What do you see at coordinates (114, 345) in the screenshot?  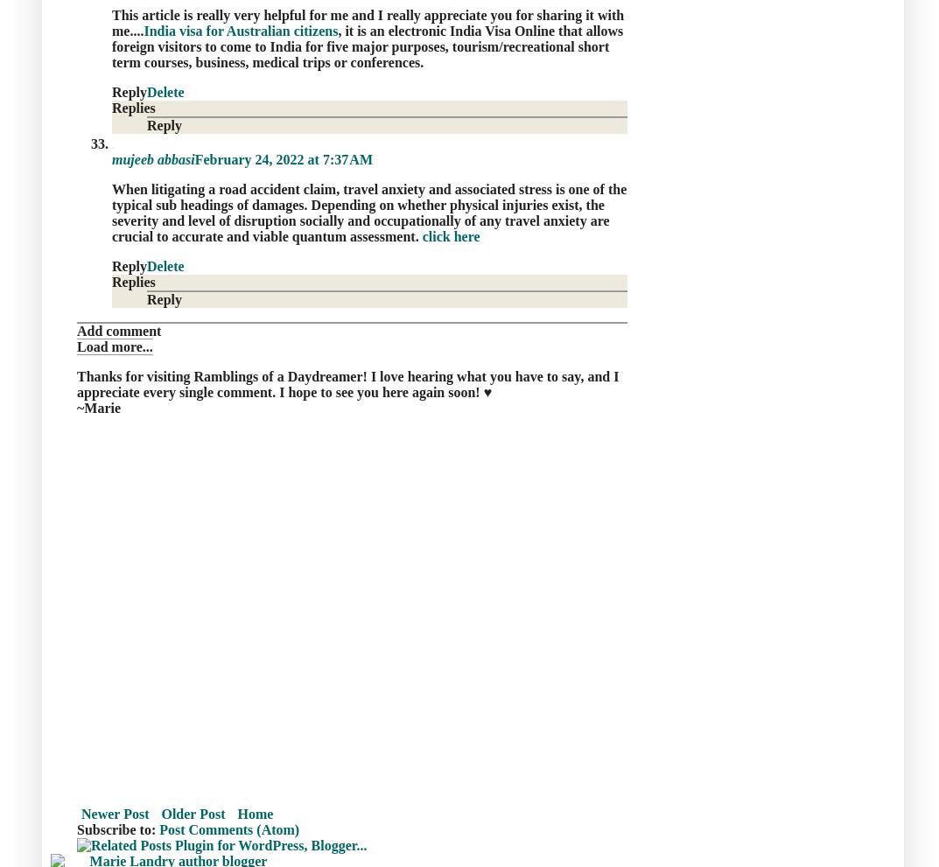 I see `'Load more...'` at bounding box center [114, 345].